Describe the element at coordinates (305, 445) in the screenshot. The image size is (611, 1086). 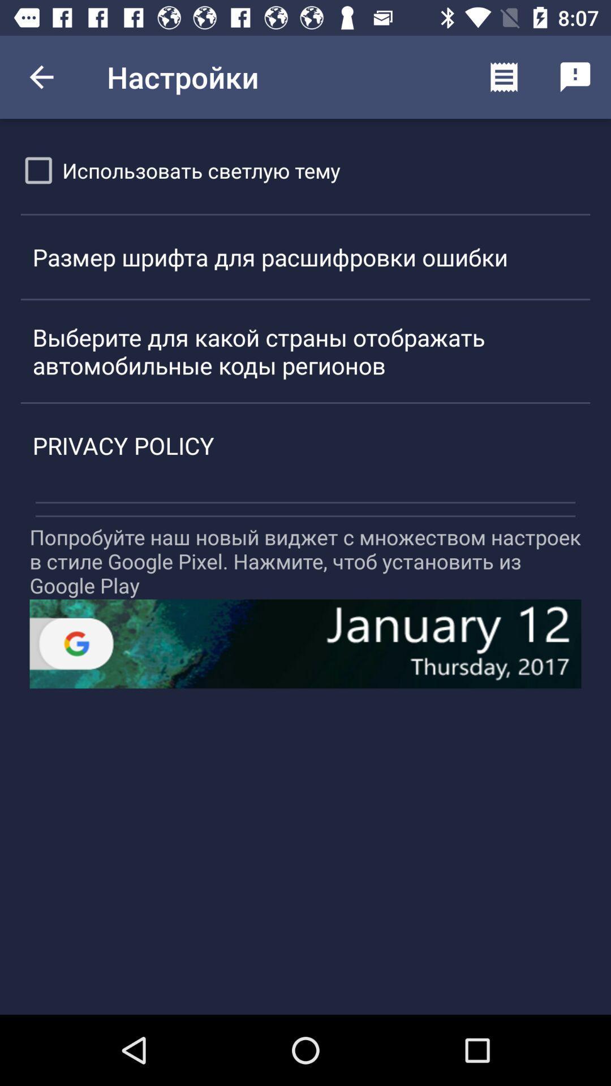
I see `the privacy policy icon` at that location.